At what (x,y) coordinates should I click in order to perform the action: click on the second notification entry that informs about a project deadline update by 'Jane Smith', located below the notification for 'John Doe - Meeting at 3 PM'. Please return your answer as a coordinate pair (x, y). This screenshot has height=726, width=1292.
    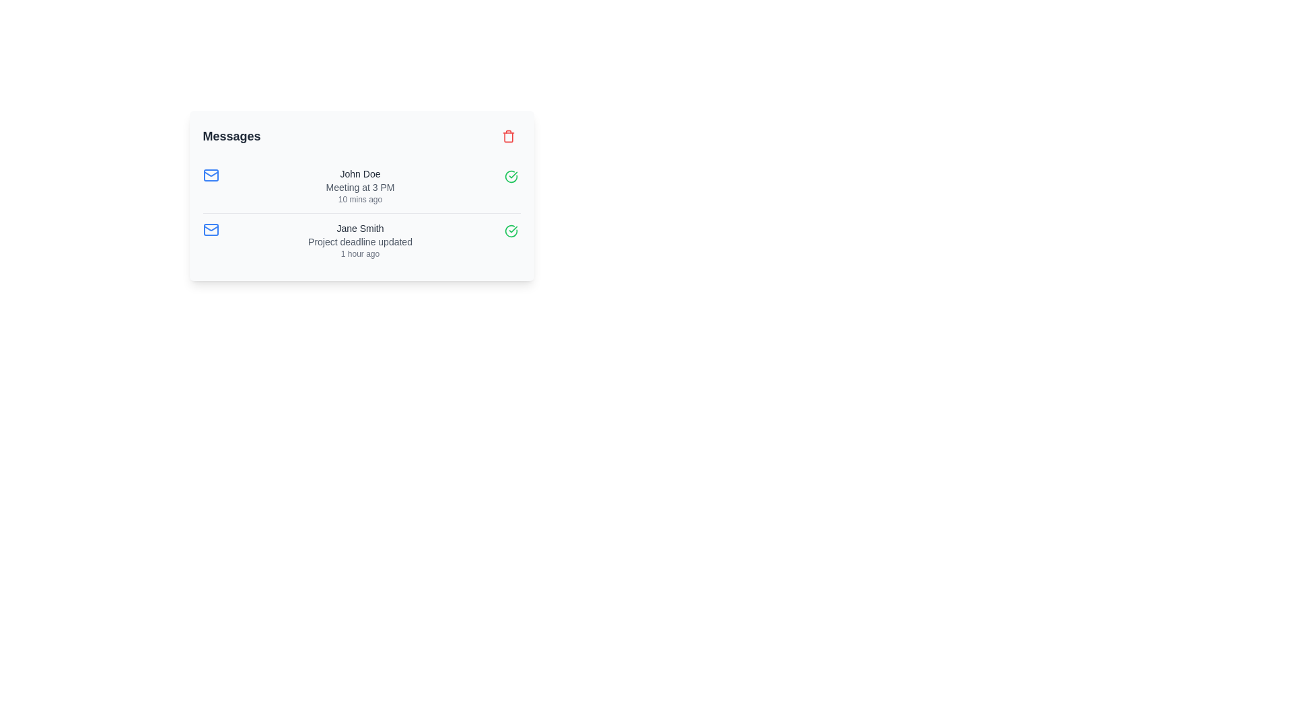
    Looking at the image, I should click on (361, 239).